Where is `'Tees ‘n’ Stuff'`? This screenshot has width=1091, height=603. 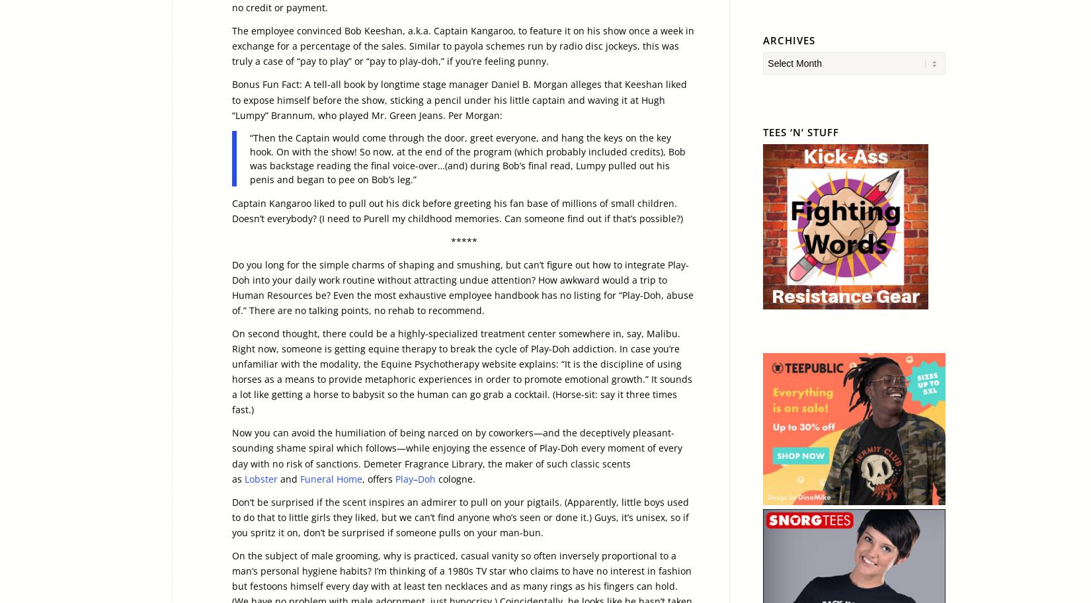 'Tees ‘n’ Stuff' is located at coordinates (801, 132).